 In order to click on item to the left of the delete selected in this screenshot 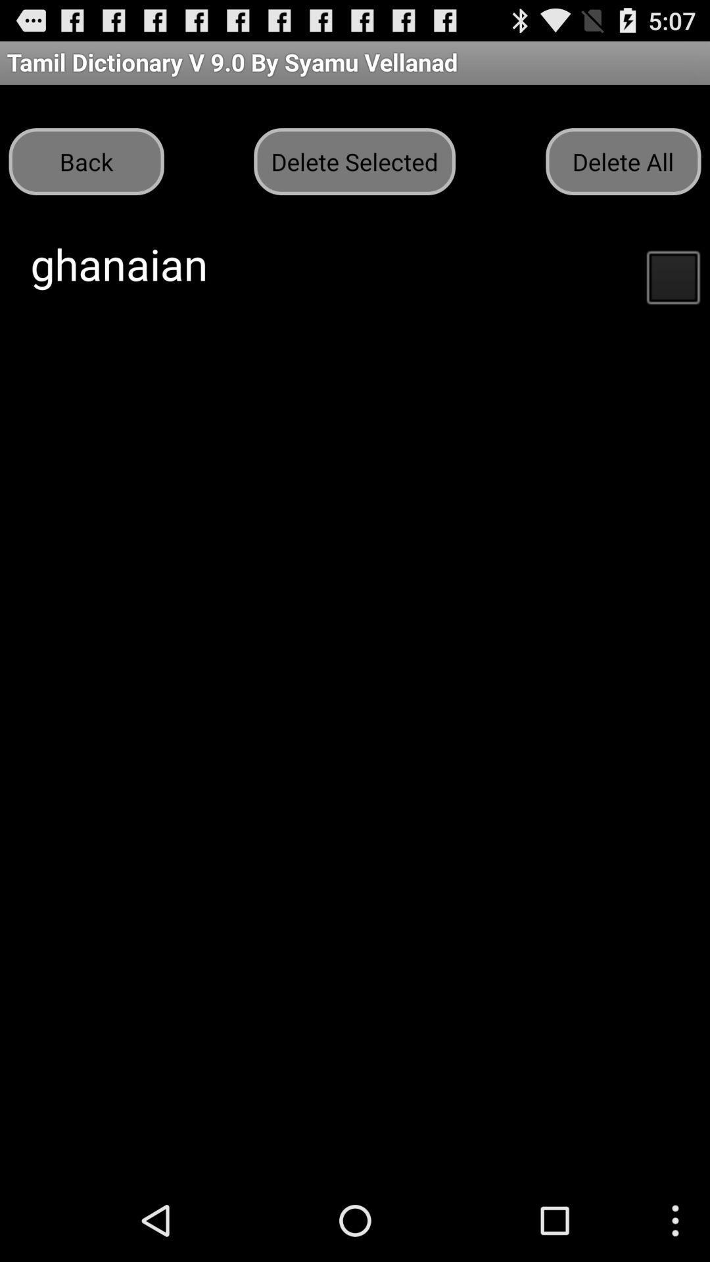, I will do `click(86, 160)`.